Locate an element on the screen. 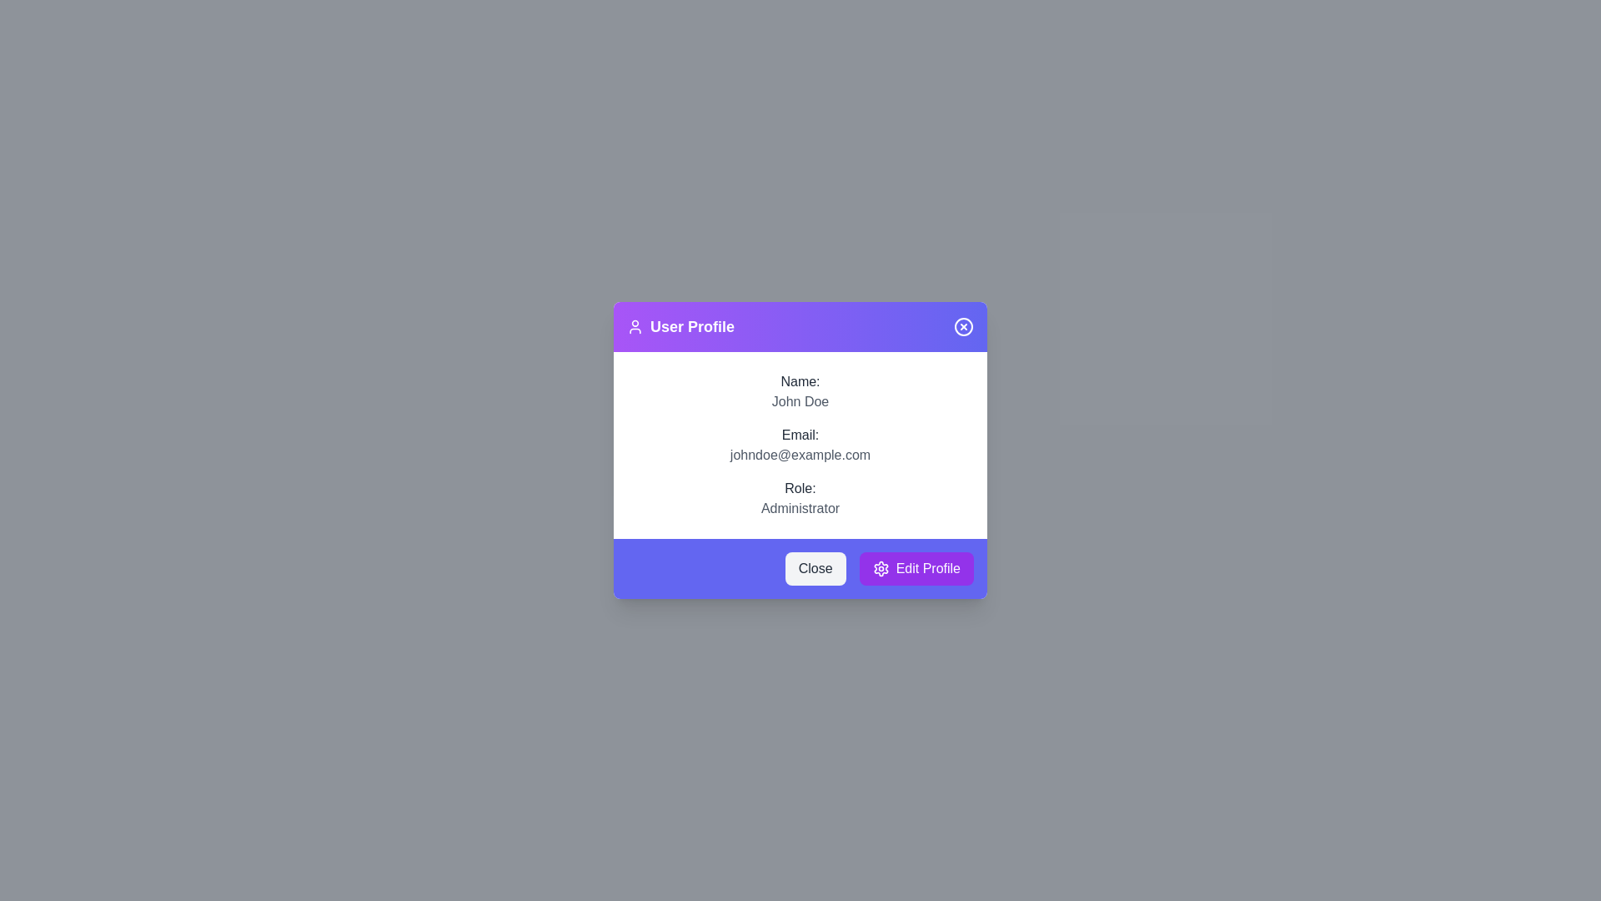  user details displayed in the Information display section located in the 'User Profile' dialog box, which includes the user's name, email, and role is located at coordinates (800, 444).